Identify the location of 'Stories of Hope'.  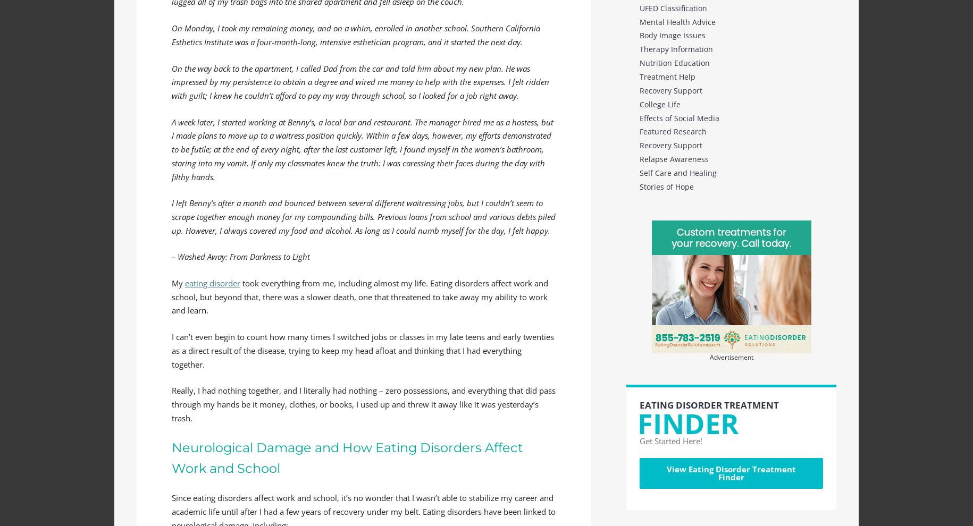
(640, 186).